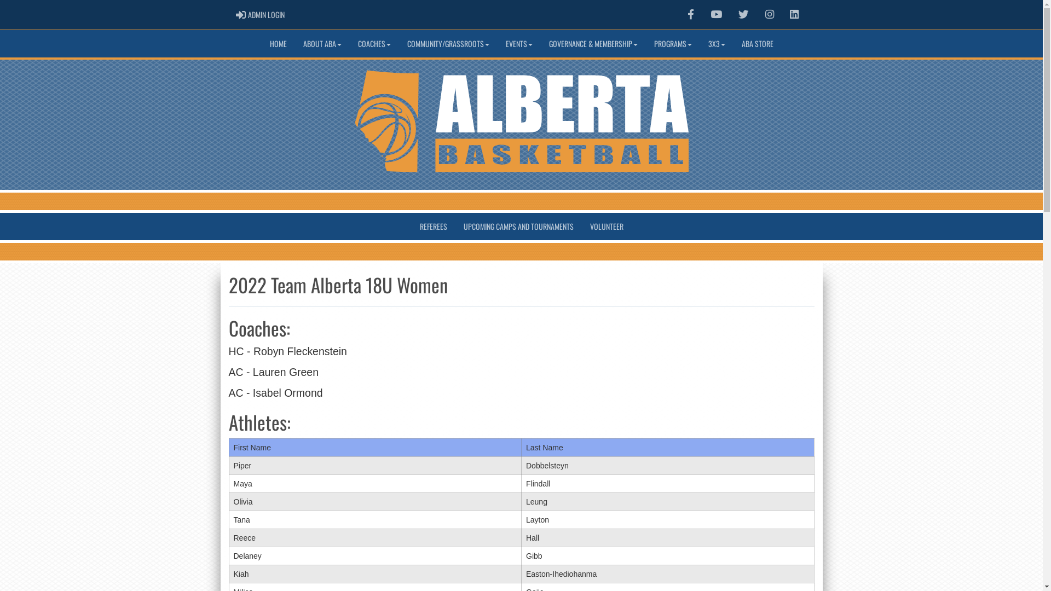  Describe the element at coordinates (731, 15) in the screenshot. I see `'Twitter'` at that location.